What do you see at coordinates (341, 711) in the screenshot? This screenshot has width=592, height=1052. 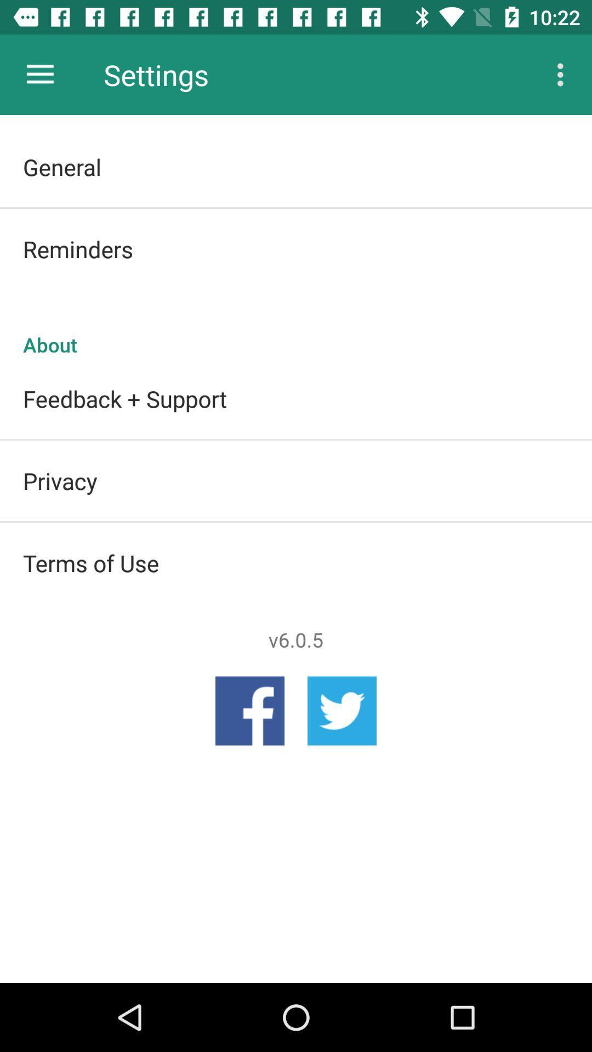 I see `visit twitter page` at bounding box center [341, 711].